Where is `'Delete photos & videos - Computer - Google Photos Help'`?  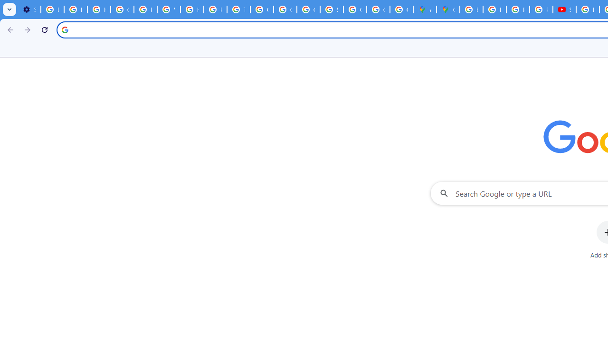 'Delete photos & videos - Computer - Google Photos Help' is located at coordinates (52, 9).